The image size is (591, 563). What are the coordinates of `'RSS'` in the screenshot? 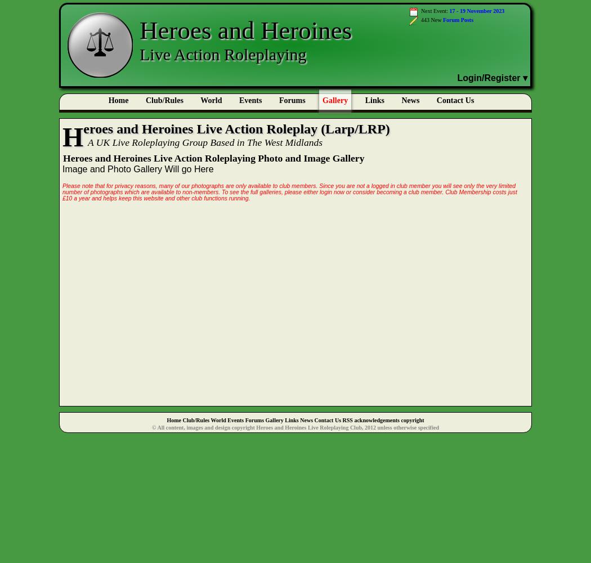 It's located at (347, 419).